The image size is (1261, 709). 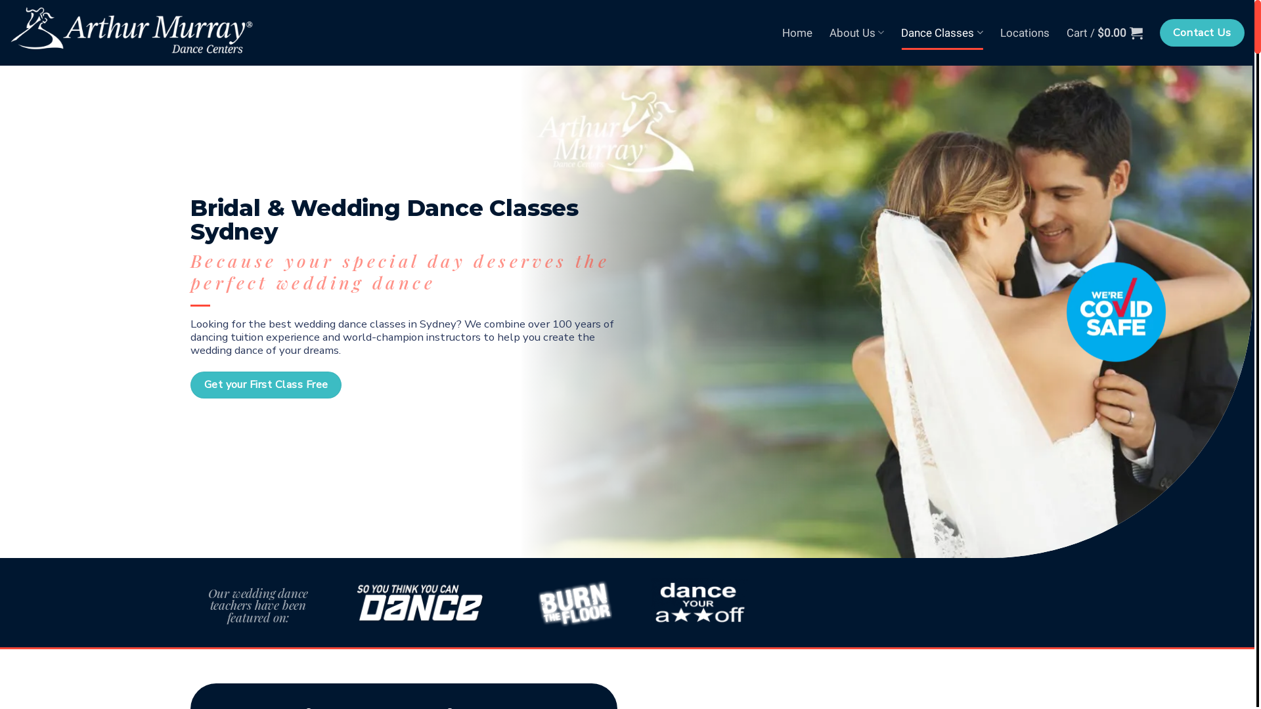 I want to click on 'Get your First Class Free', so click(x=265, y=384).